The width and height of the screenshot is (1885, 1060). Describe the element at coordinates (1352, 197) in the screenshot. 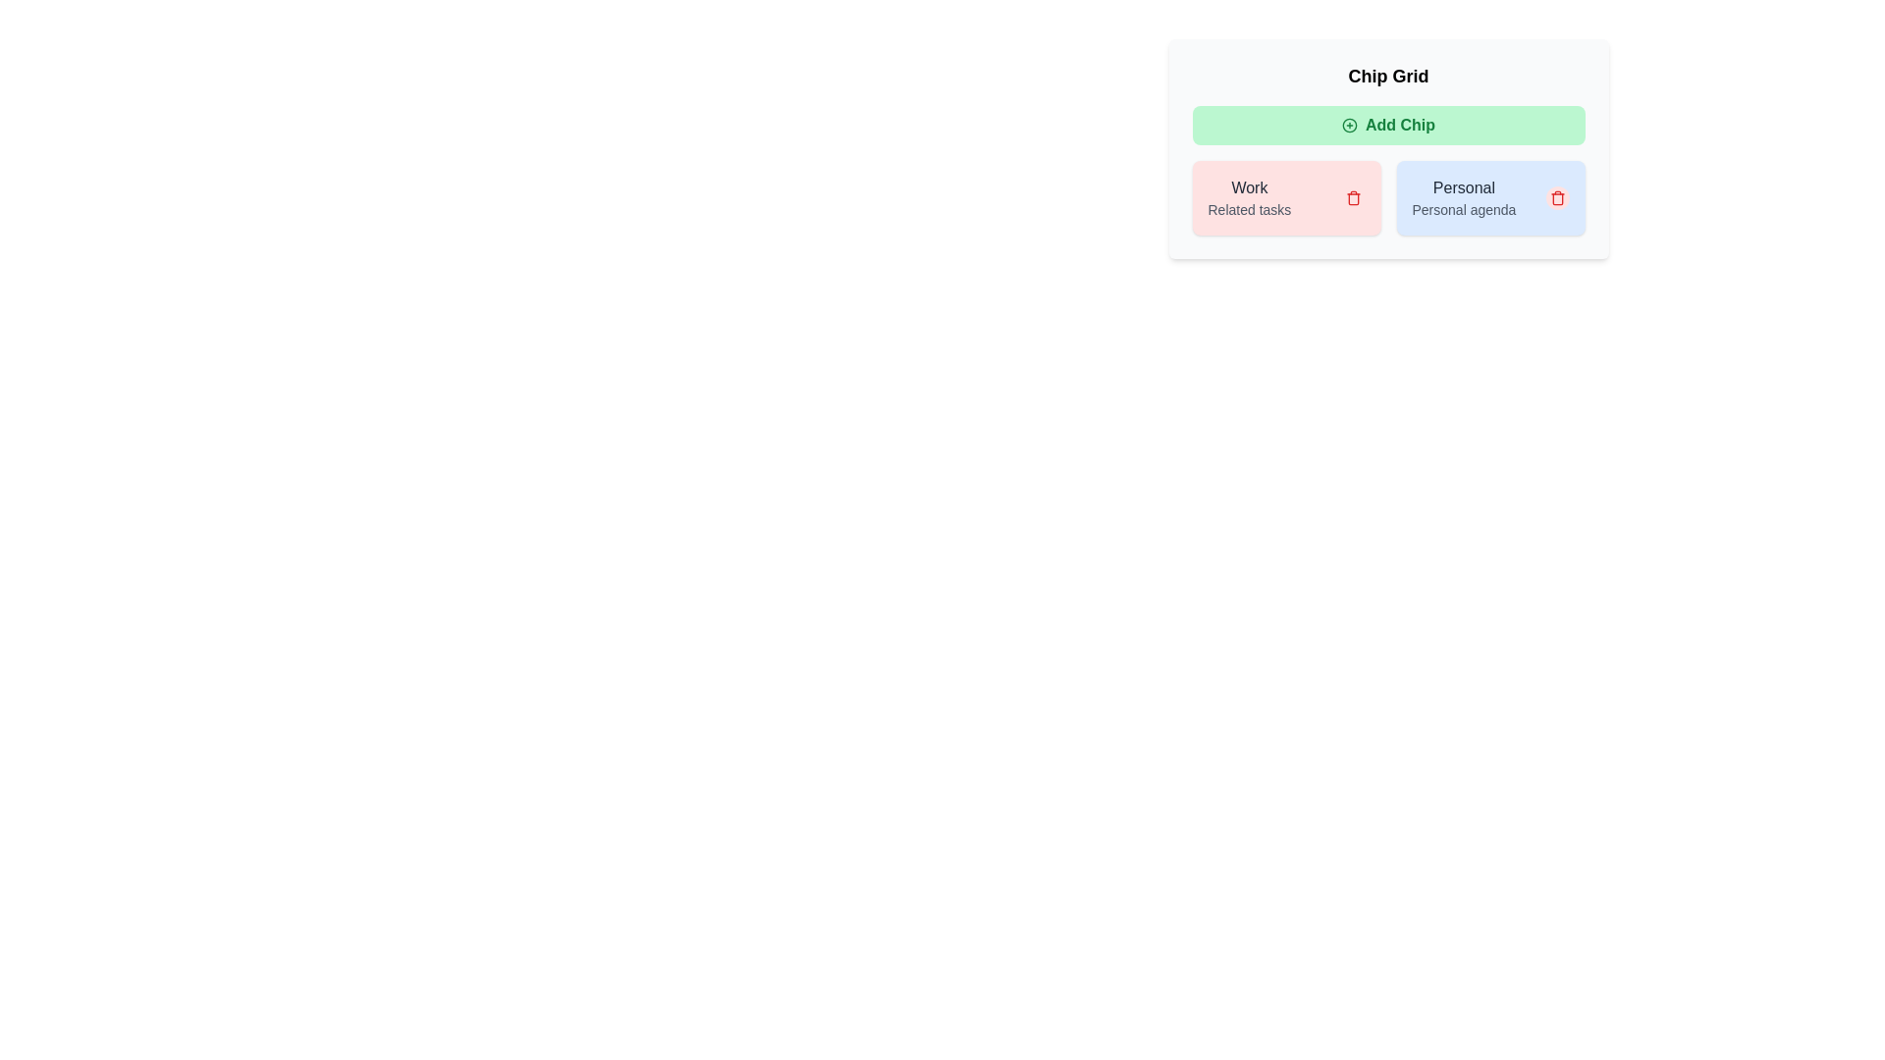

I see `the chip labeled Work from the grid` at that location.